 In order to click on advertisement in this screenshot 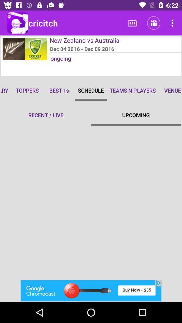, I will do `click(91, 290)`.